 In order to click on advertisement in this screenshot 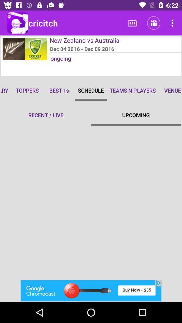, I will do `click(91, 290)`.